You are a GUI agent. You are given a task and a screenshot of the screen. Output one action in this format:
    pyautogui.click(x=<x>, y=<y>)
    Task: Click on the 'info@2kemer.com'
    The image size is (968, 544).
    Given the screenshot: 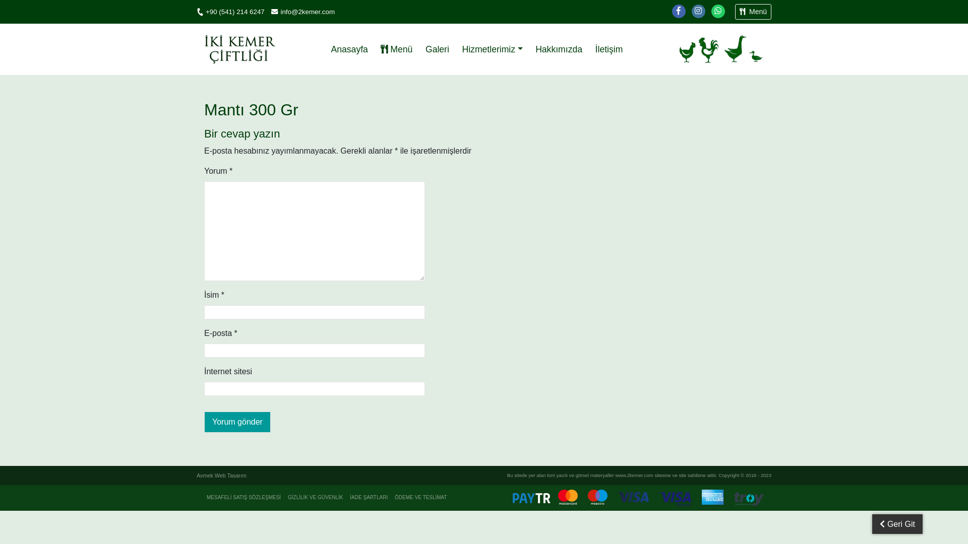 What is the action you would take?
    pyautogui.click(x=302, y=12)
    